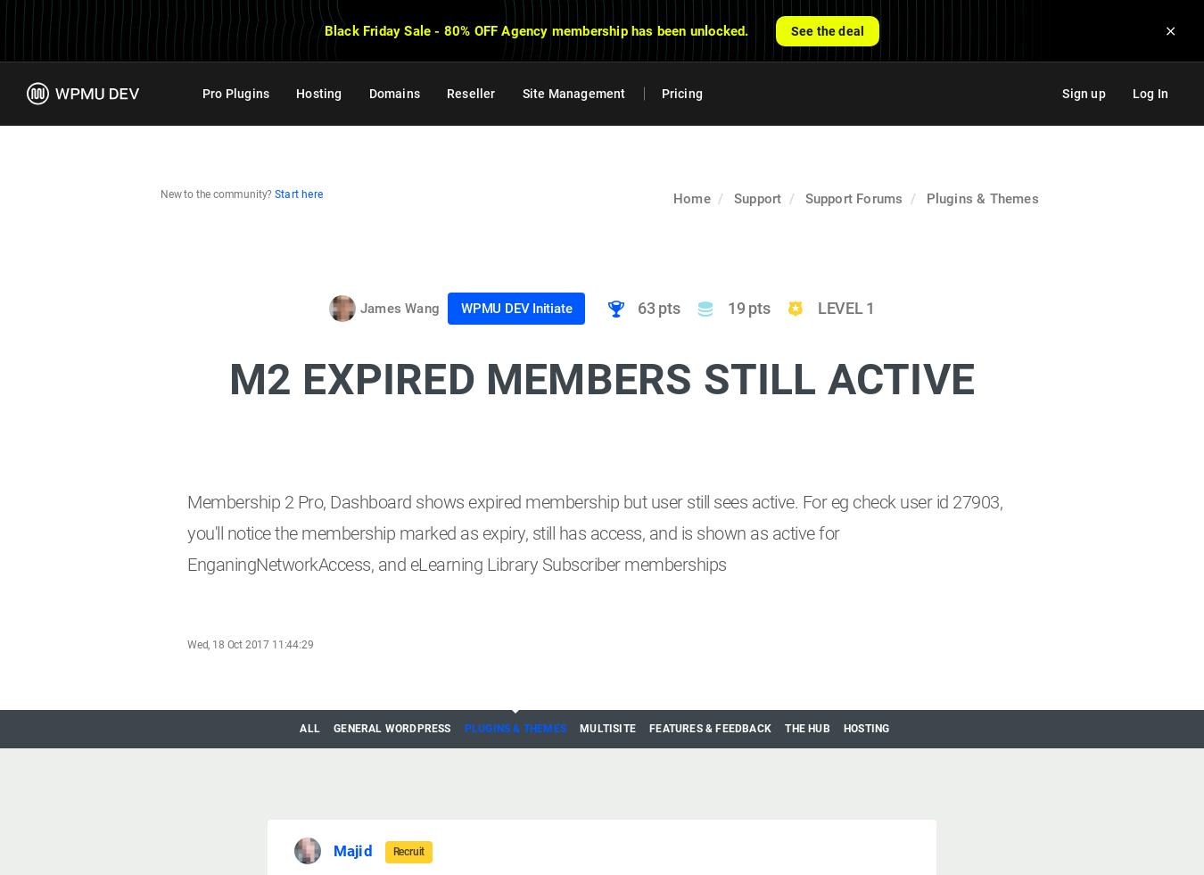  Describe the element at coordinates (573, 92) in the screenshot. I see `'Site Management'` at that location.